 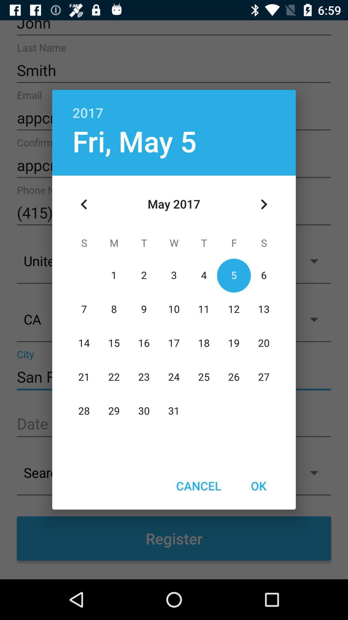 I want to click on item below 2017 item, so click(x=134, y=140).